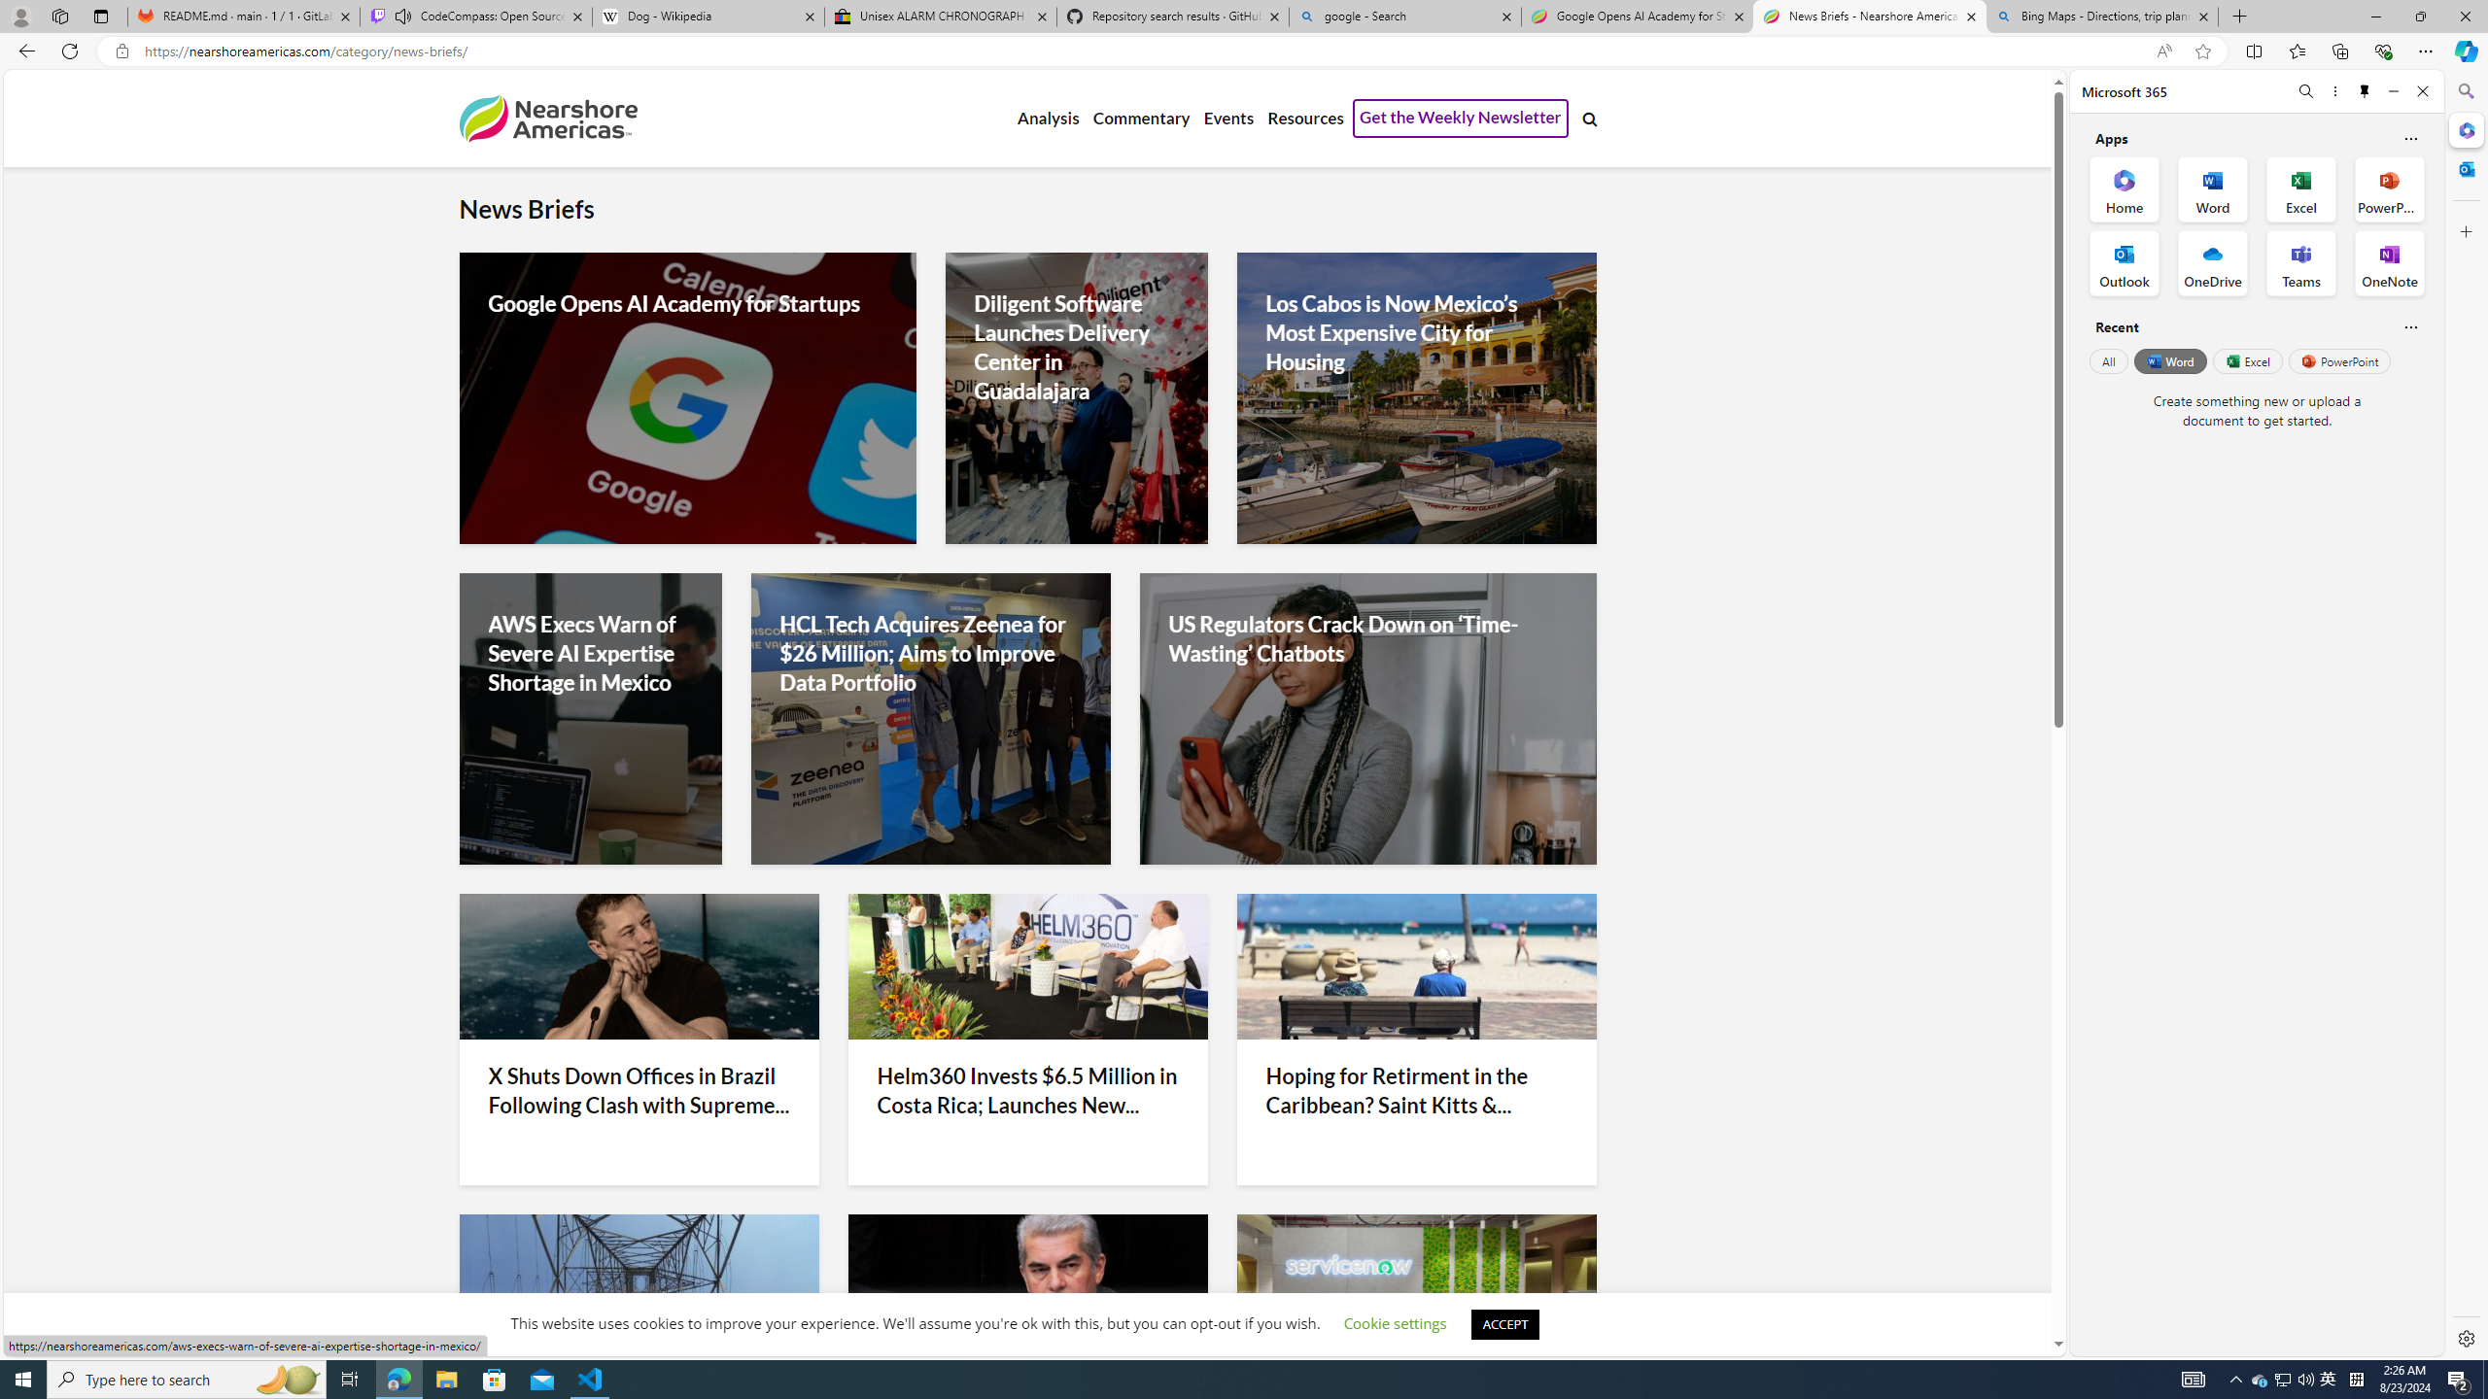 This screenshot has height=1399, width=2488. I want to click on 'Commentary', so click(1140, 119).